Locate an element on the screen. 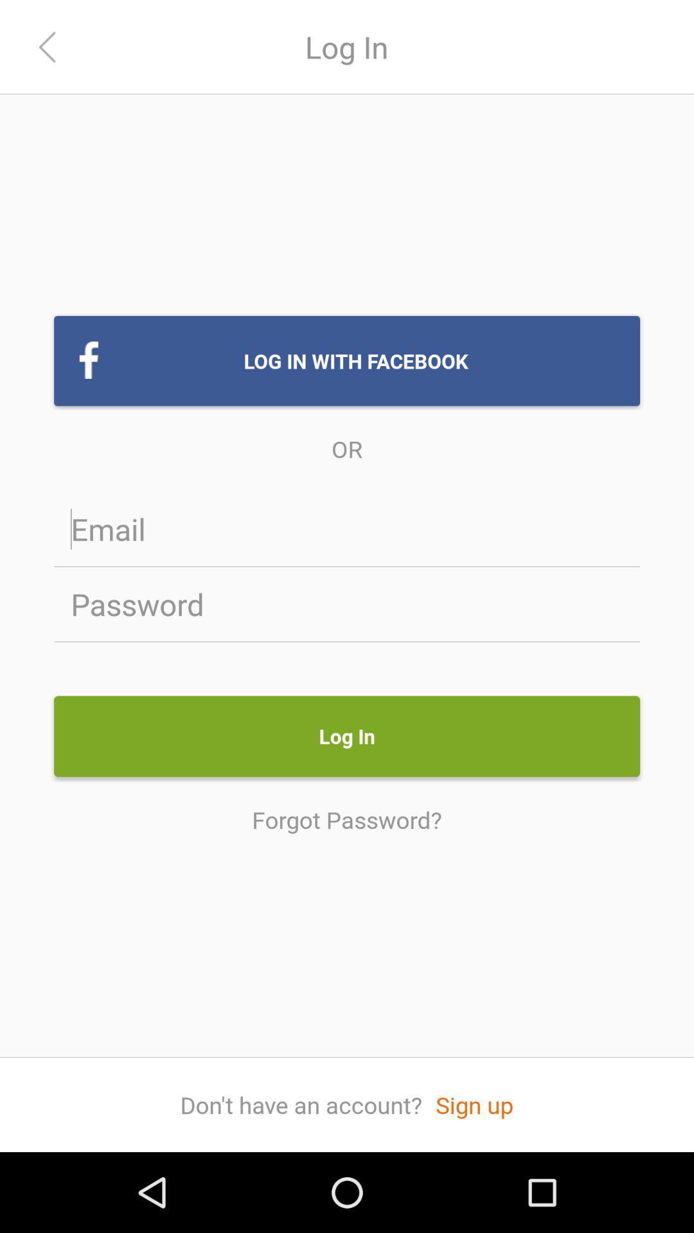  write password is located at coordinates (347, 603).